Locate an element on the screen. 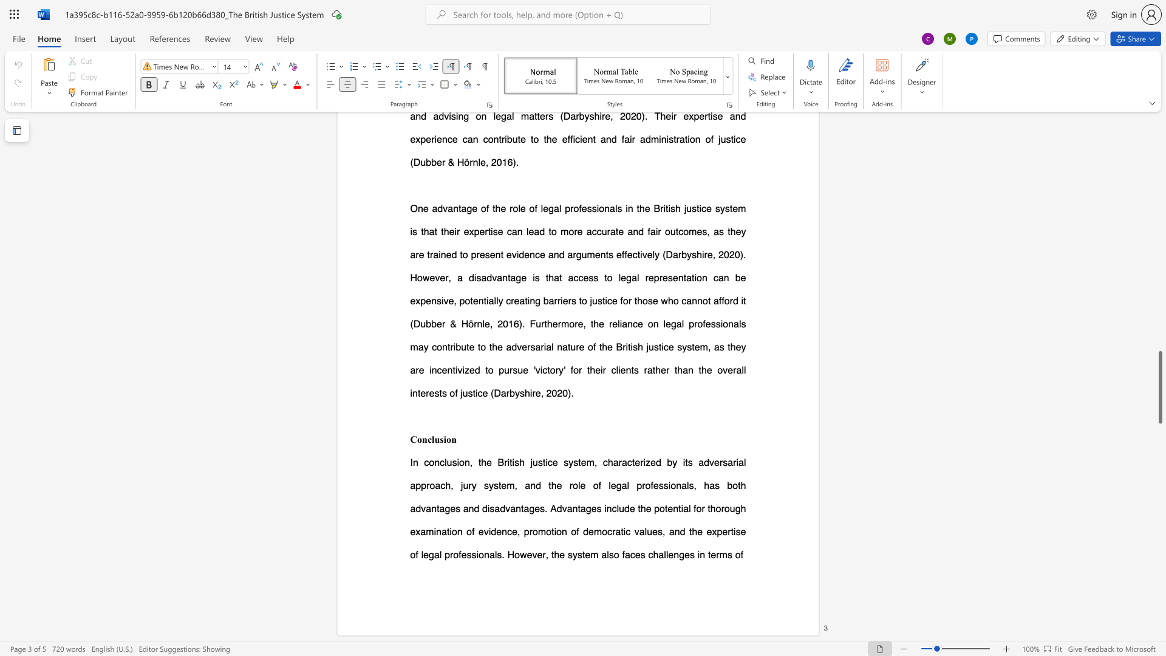 Image resolution: width=1166 pixels, height=656 pixels. the scrollbar on the right to move the page upward is located at coordinates (1159, 188).